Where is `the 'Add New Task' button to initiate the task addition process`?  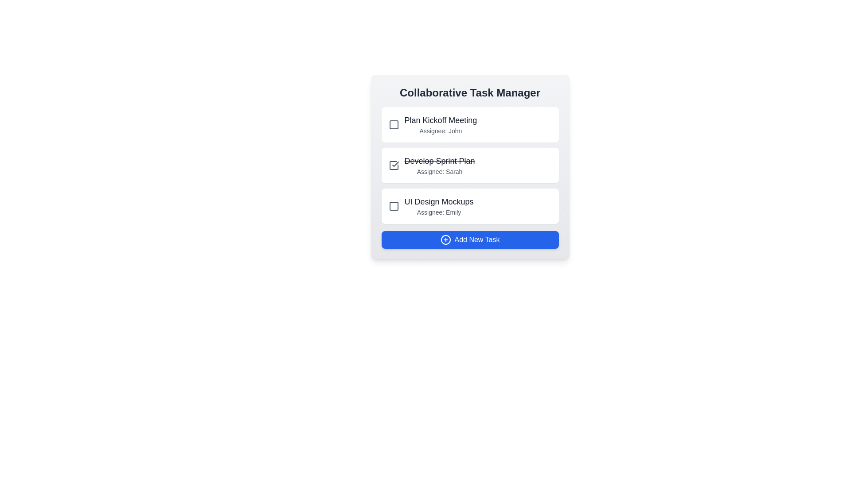
the 'Add New Task' button to initiate the task addition process is located at coordinates (469, 240).